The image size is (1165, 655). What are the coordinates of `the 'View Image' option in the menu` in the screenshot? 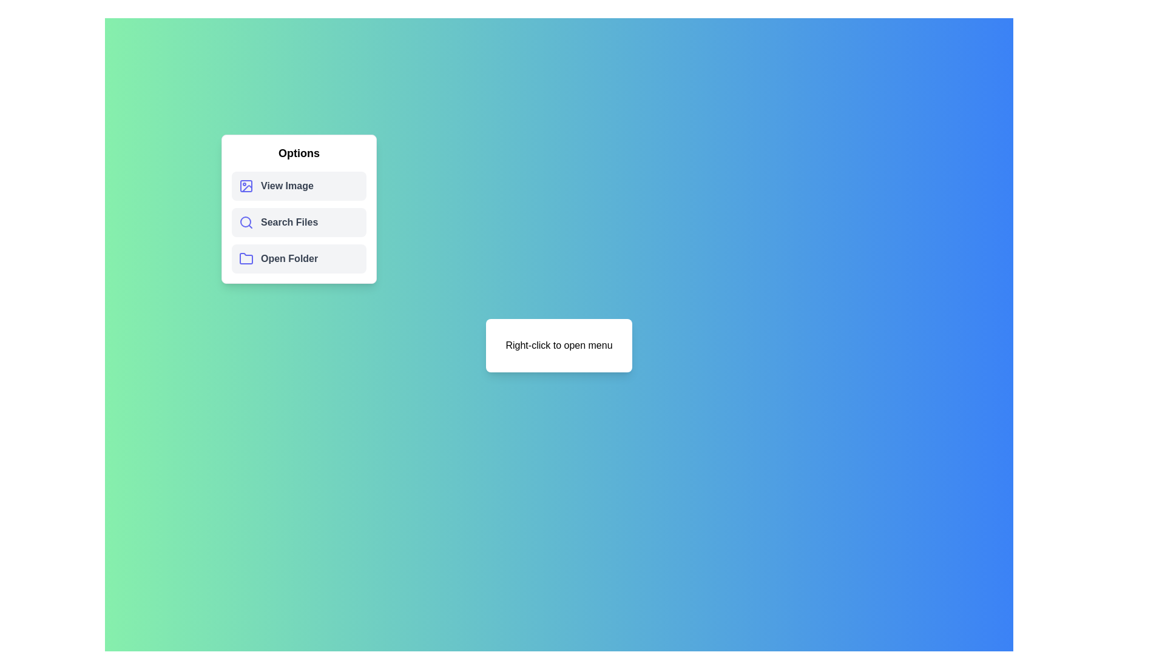 It's located at (299, 186).